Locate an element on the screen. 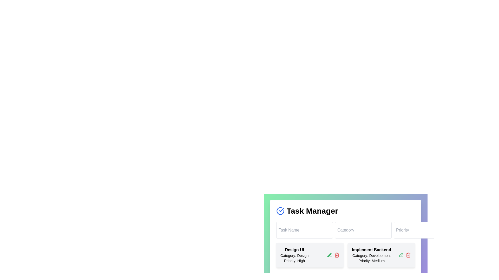 The image size is (499, 280). category specified by the text label indicating that the task 'Implement Backend' belongs to the 'Development' category, which is located below the task title and above the priority label is located at coordinates (371, 255).